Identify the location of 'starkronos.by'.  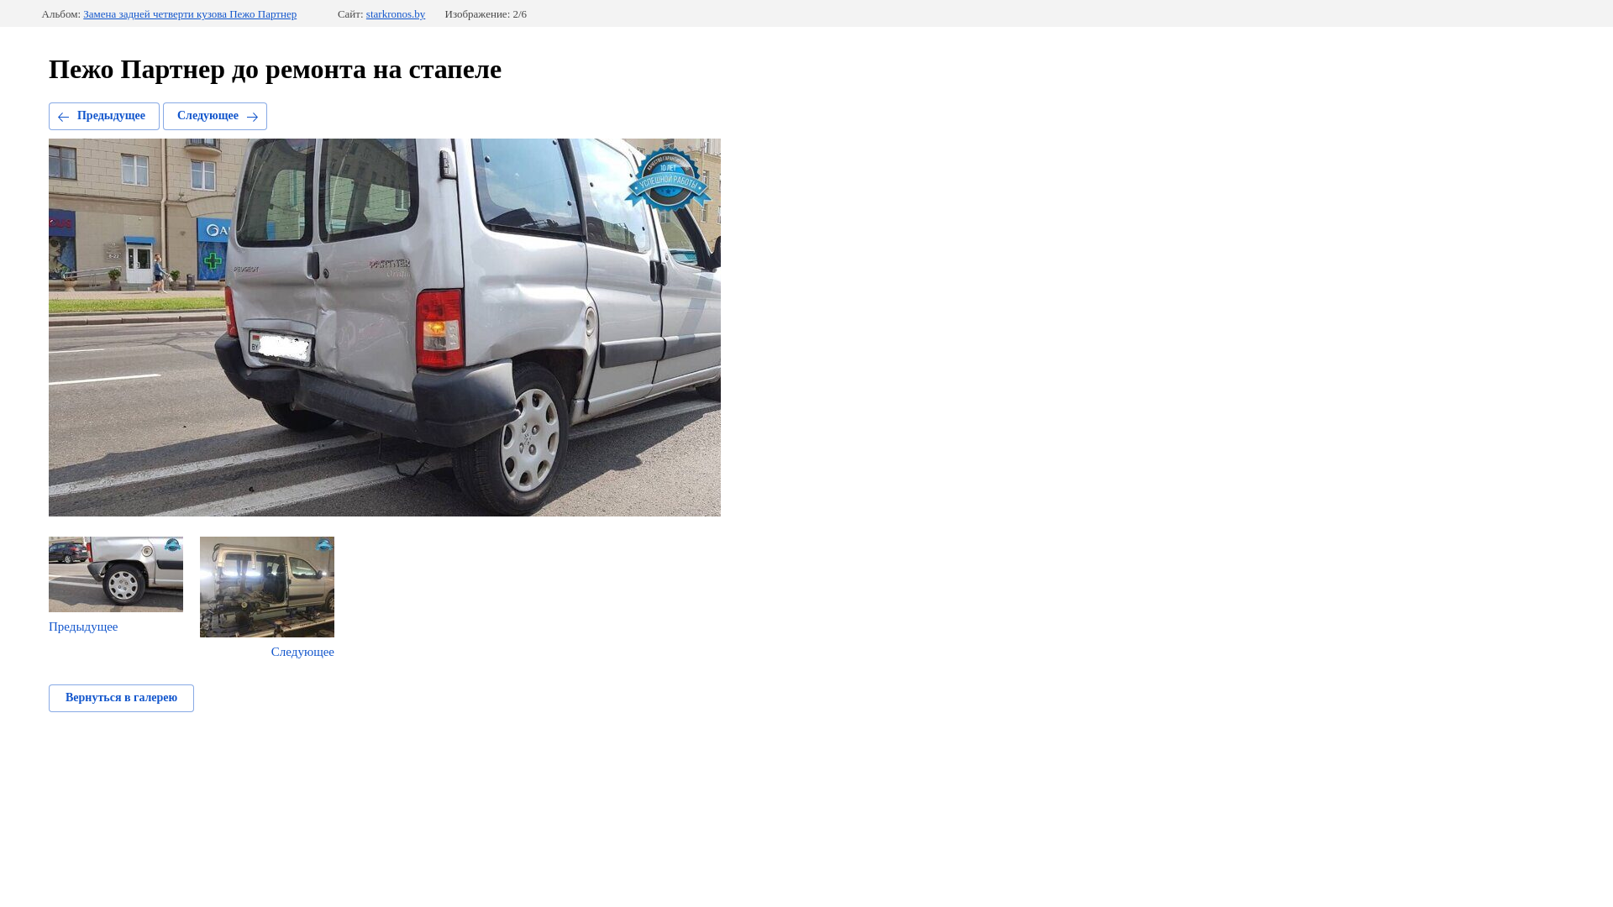
(365, 13).